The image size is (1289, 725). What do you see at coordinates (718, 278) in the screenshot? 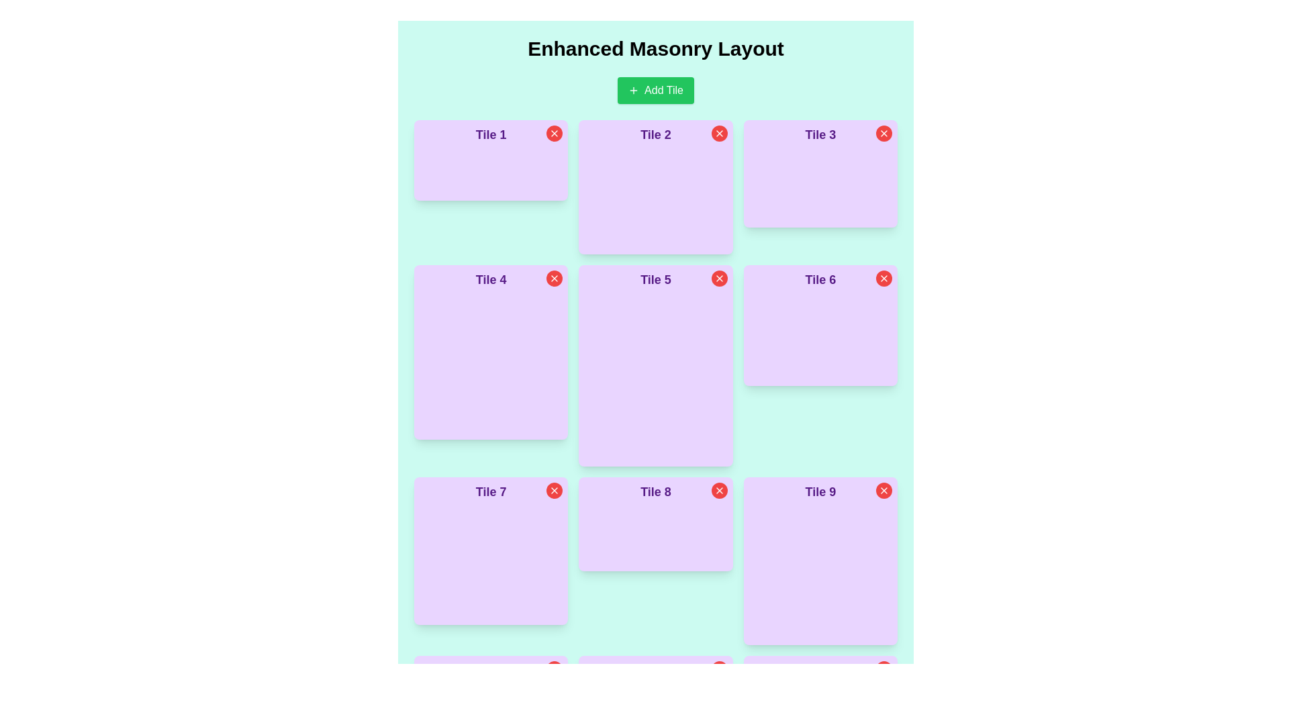
I see `the close button located` at bounding box center [718, 278].